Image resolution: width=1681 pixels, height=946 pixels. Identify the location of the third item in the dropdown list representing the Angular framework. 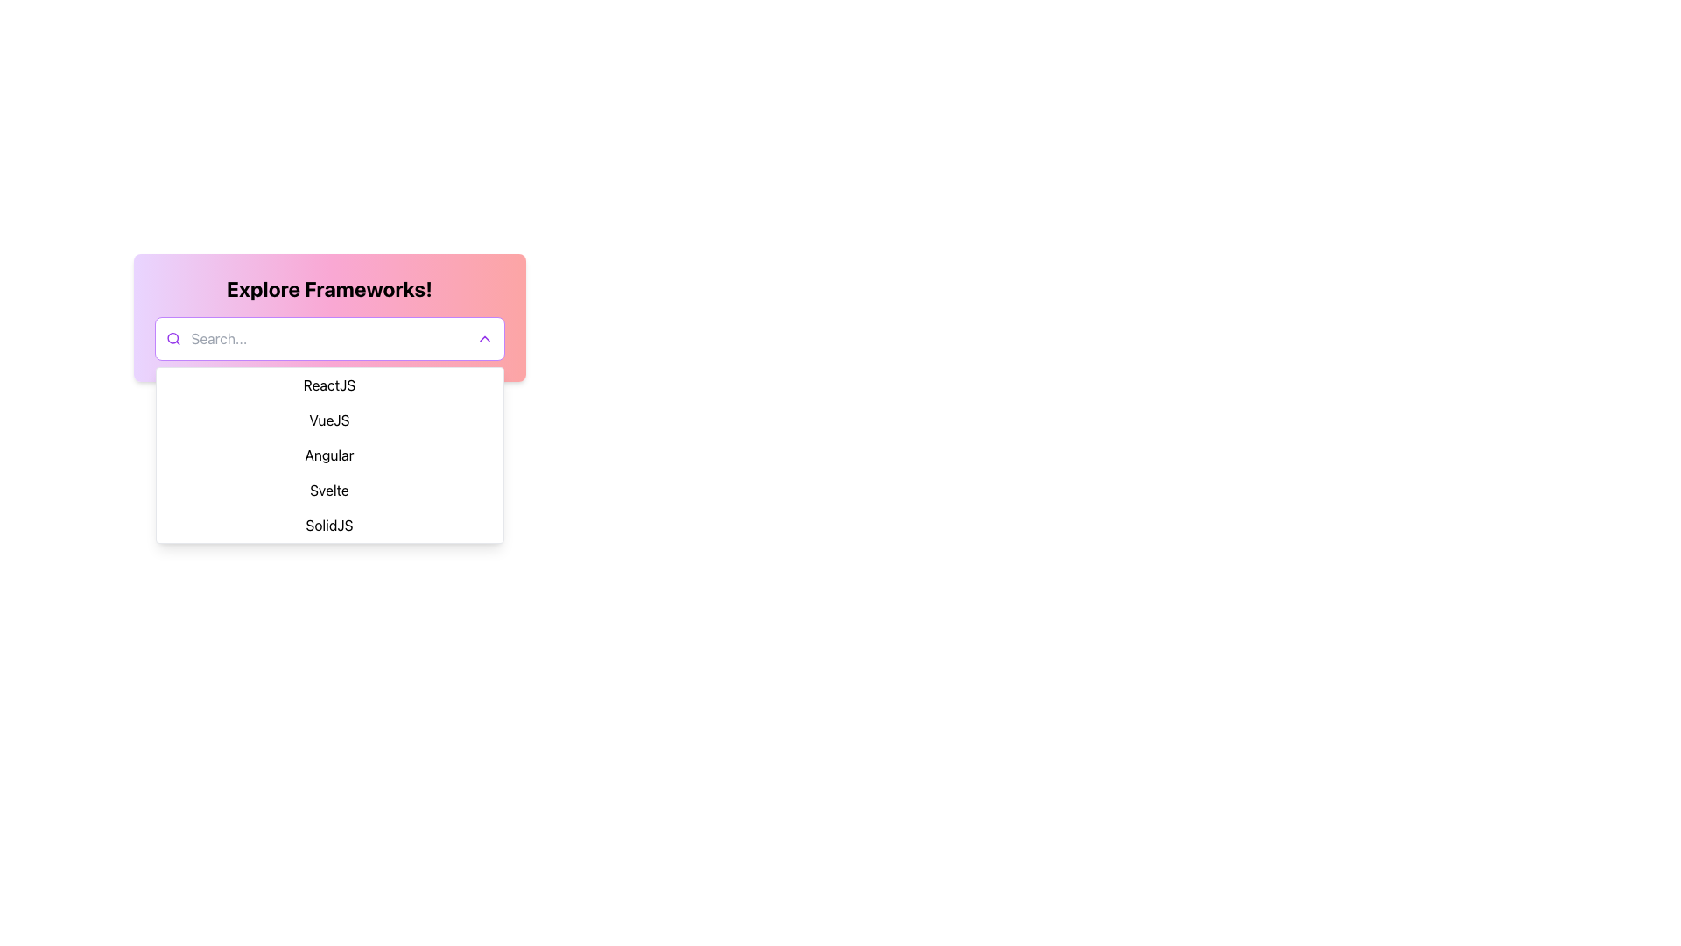
(329, 455).